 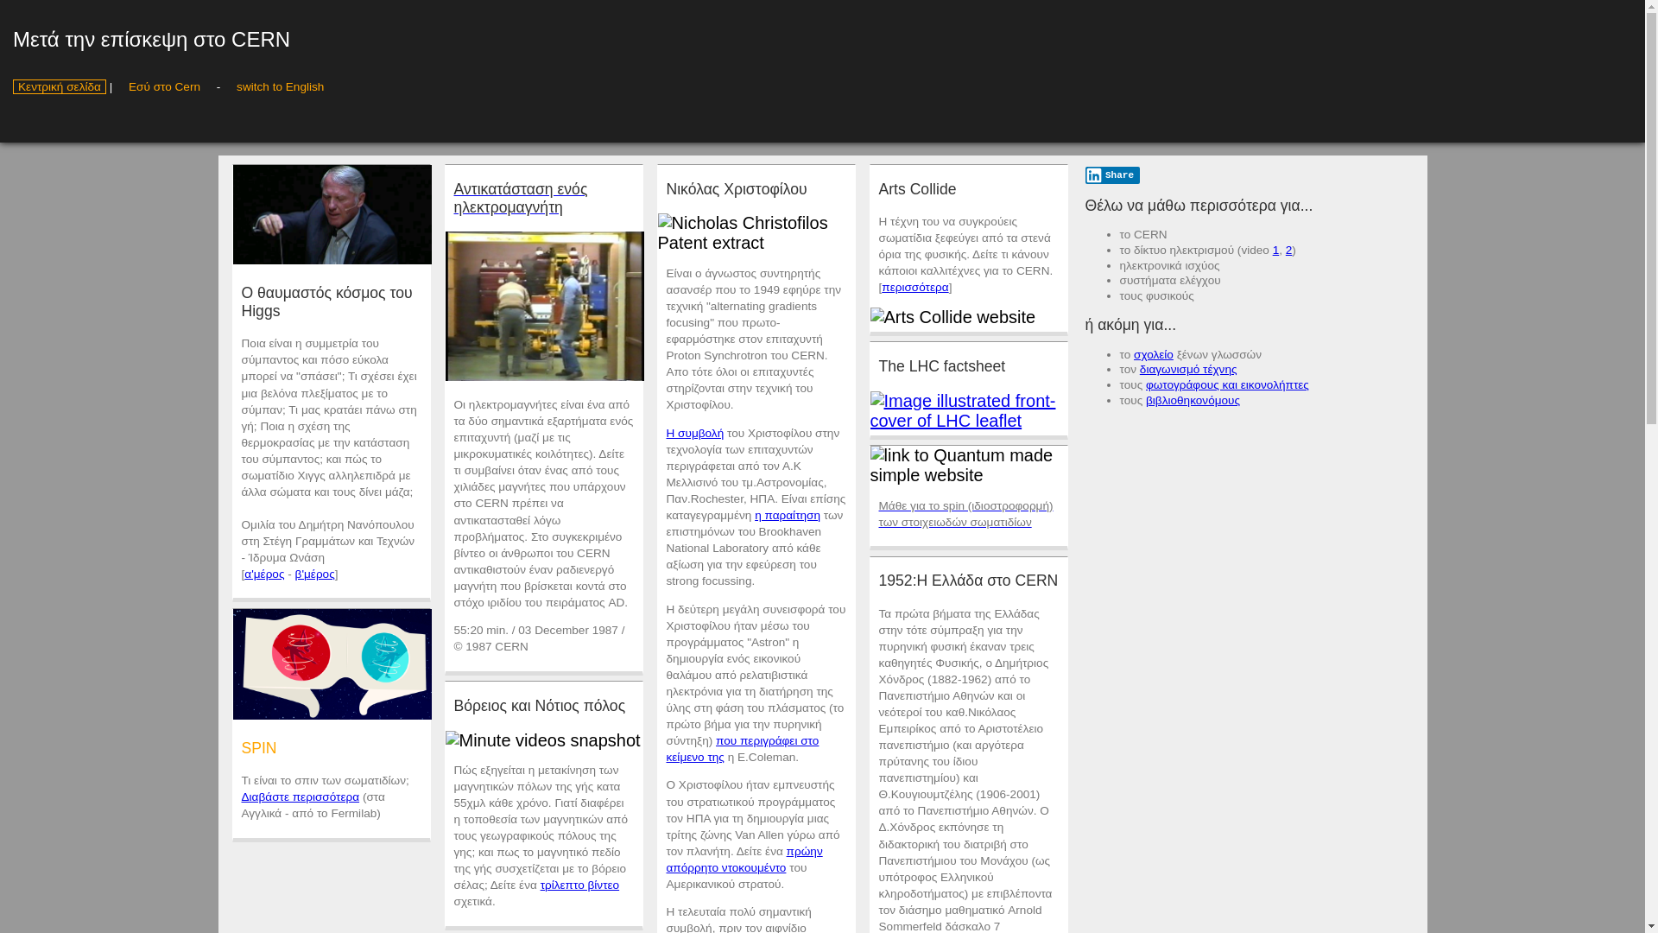 What do you see at coordinates (1111, 175) in the screenshot?
I see `'Share'` at bounding box center [1111, 175].